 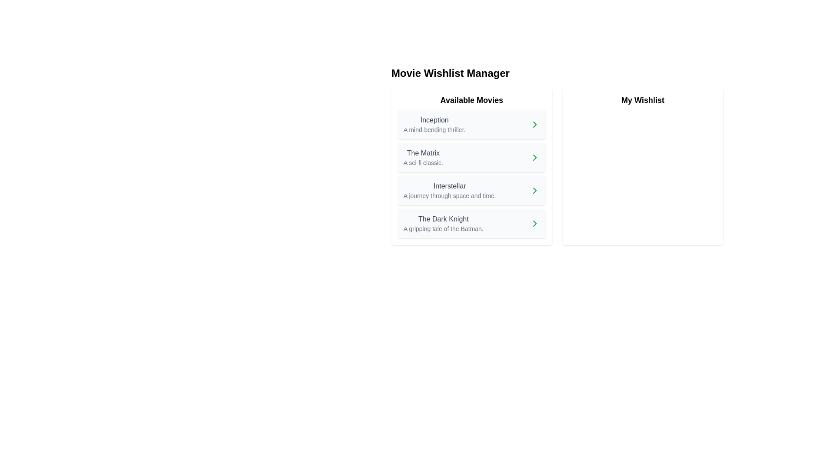 What do you see at coordinates (534, 190) in the screenshot?
I see `the Chevron icon button located at the far right of the 'Interstellar' movie item in the 'Available Movies' section of the 'Movie Wishlist Manager' interface` at bounding box center [534, 190].